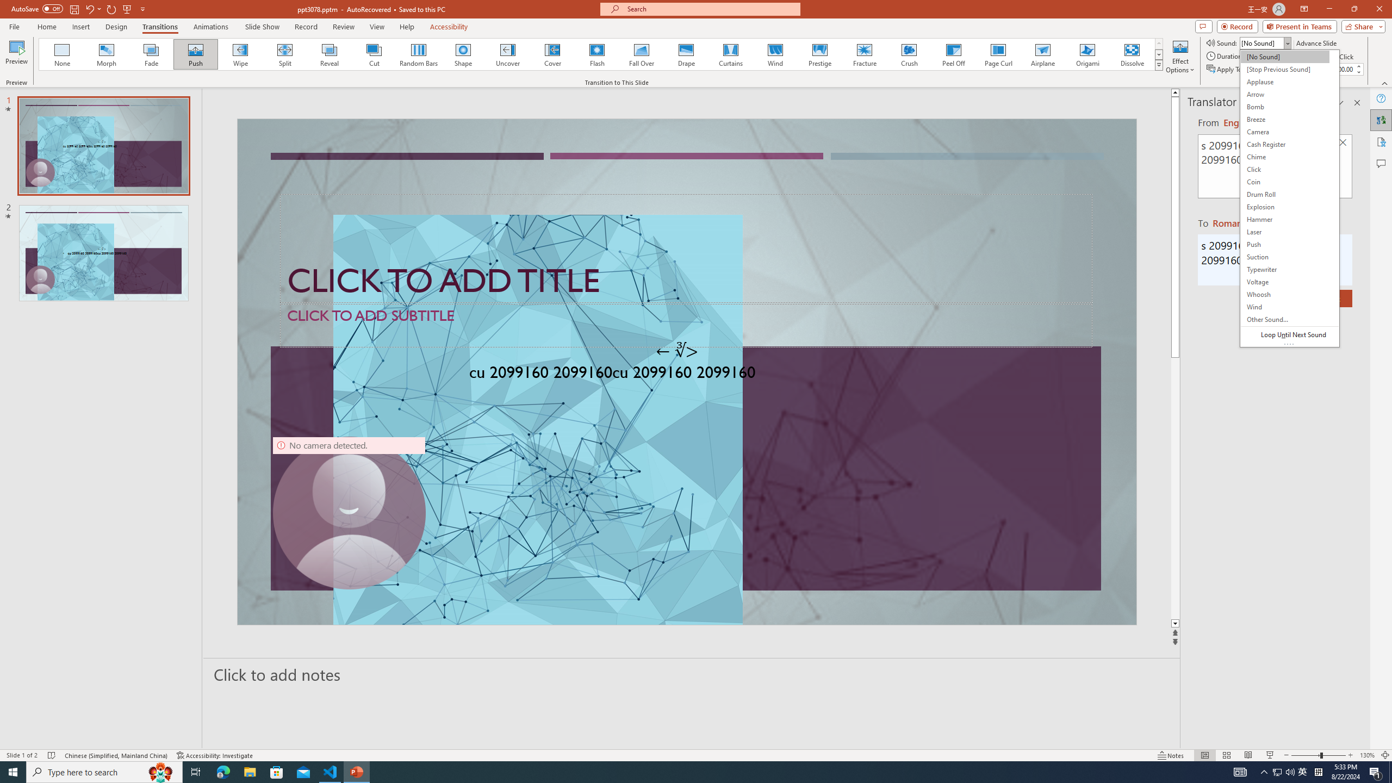 The image size is (1392, 783). What do you see at coordinates (600, 54) in the screenshot?
I see `'AutomationID: AnimationTransitionGallery'` at bounding box center [600, 54].